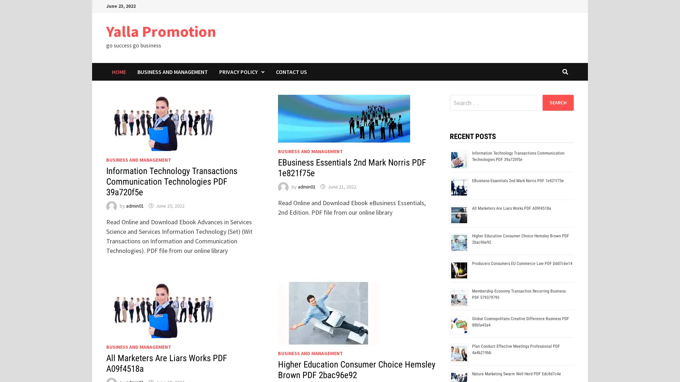  Describe the element at coordinates (557, 102) in the screenshot. I see `Search` at that location.